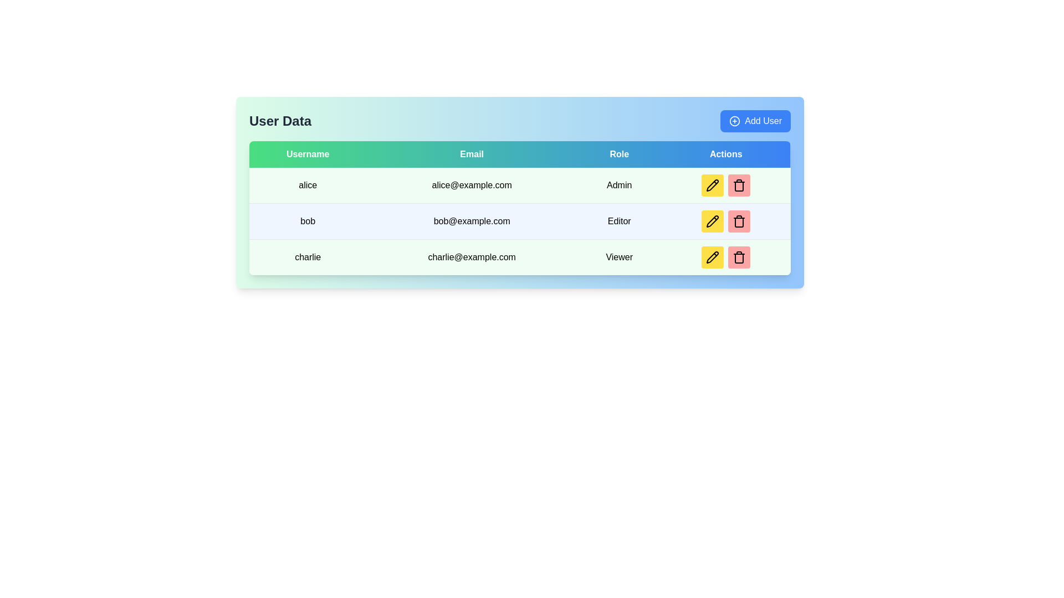 The width and height of the screenshot is (1064, 598). What do you see at coordinates (735, 121) in the screenshot?
I see `circular SVG element that is part of the 'Add User' button located in the top-right corner of the user data panel` at bounding box center [735, 121].